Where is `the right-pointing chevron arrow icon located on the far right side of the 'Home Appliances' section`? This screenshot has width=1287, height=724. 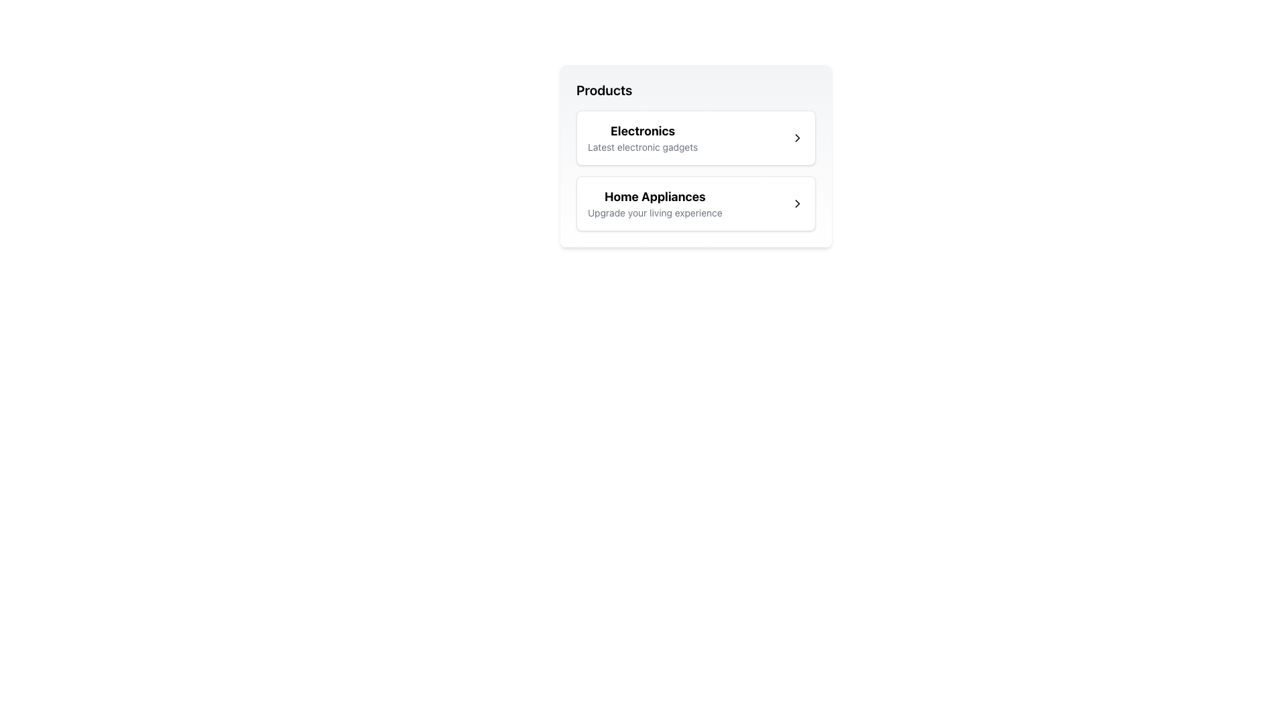 the right-pointing chevron arrow icon located on the far right side of the 'Home Appliances' section is located at coordinates (798, 204).